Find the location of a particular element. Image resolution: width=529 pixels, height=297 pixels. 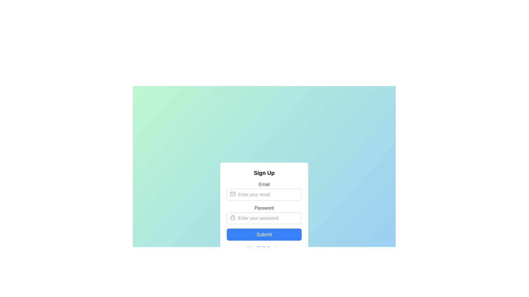

the text label that displays 'Why do we request your email address?' at the bottom of the interface is located at coordinates (267, 290).